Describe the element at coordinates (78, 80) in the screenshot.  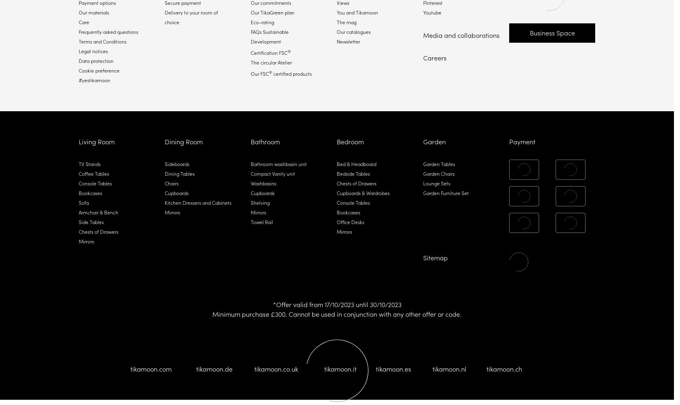
I see `'#yestikamoon'` at that location.